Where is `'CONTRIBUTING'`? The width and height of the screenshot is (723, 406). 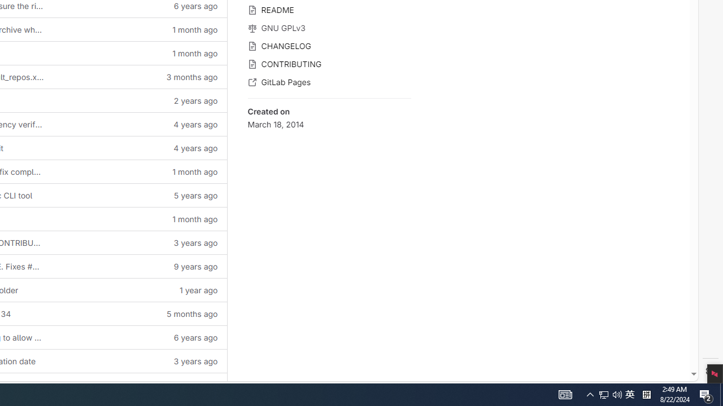
'CONTRIBUTING' is located at coordinates (329, 63).